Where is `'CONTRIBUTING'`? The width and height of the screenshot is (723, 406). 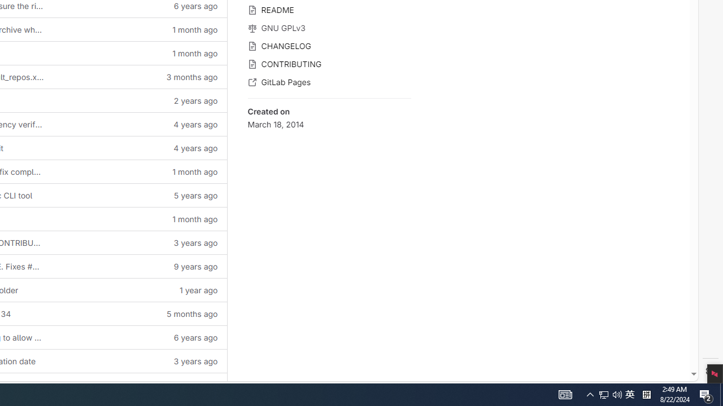
'CONTRIBUTING' is located at coordinates (329, 63).